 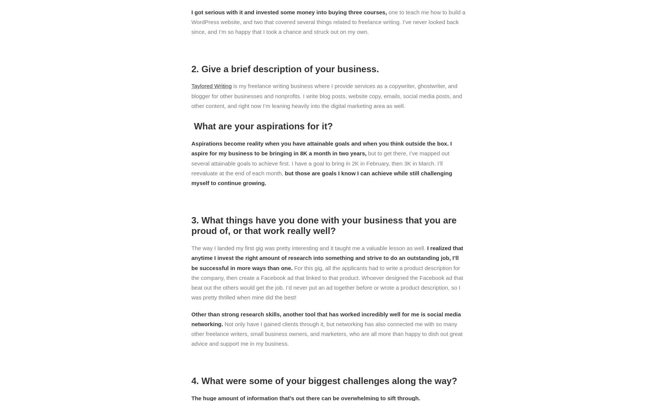 What do you see at coordinates (191, 257) in the screenshot?
I see `'I realized that anytime I invest the right amount of research into something and strive to do an outstanding job, I’ll be successful in more ways than one.'` at bounding box center [191, 257].